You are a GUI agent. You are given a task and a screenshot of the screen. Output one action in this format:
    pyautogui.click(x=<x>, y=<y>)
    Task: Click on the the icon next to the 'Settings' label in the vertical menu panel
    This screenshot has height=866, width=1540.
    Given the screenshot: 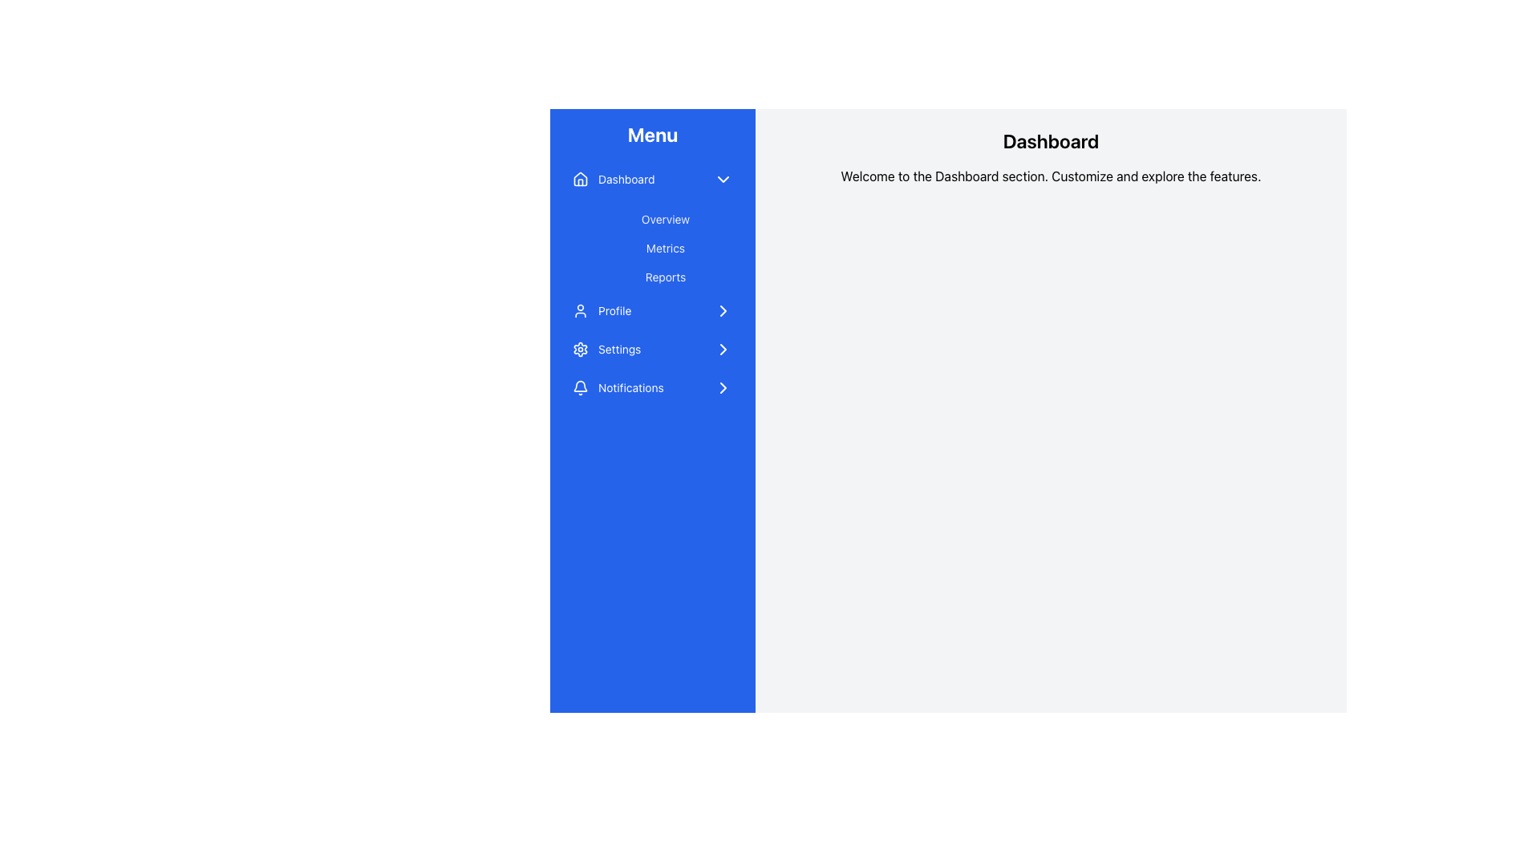 What is the action you would take?
    pyautogui.click(x=723, y=348)
    